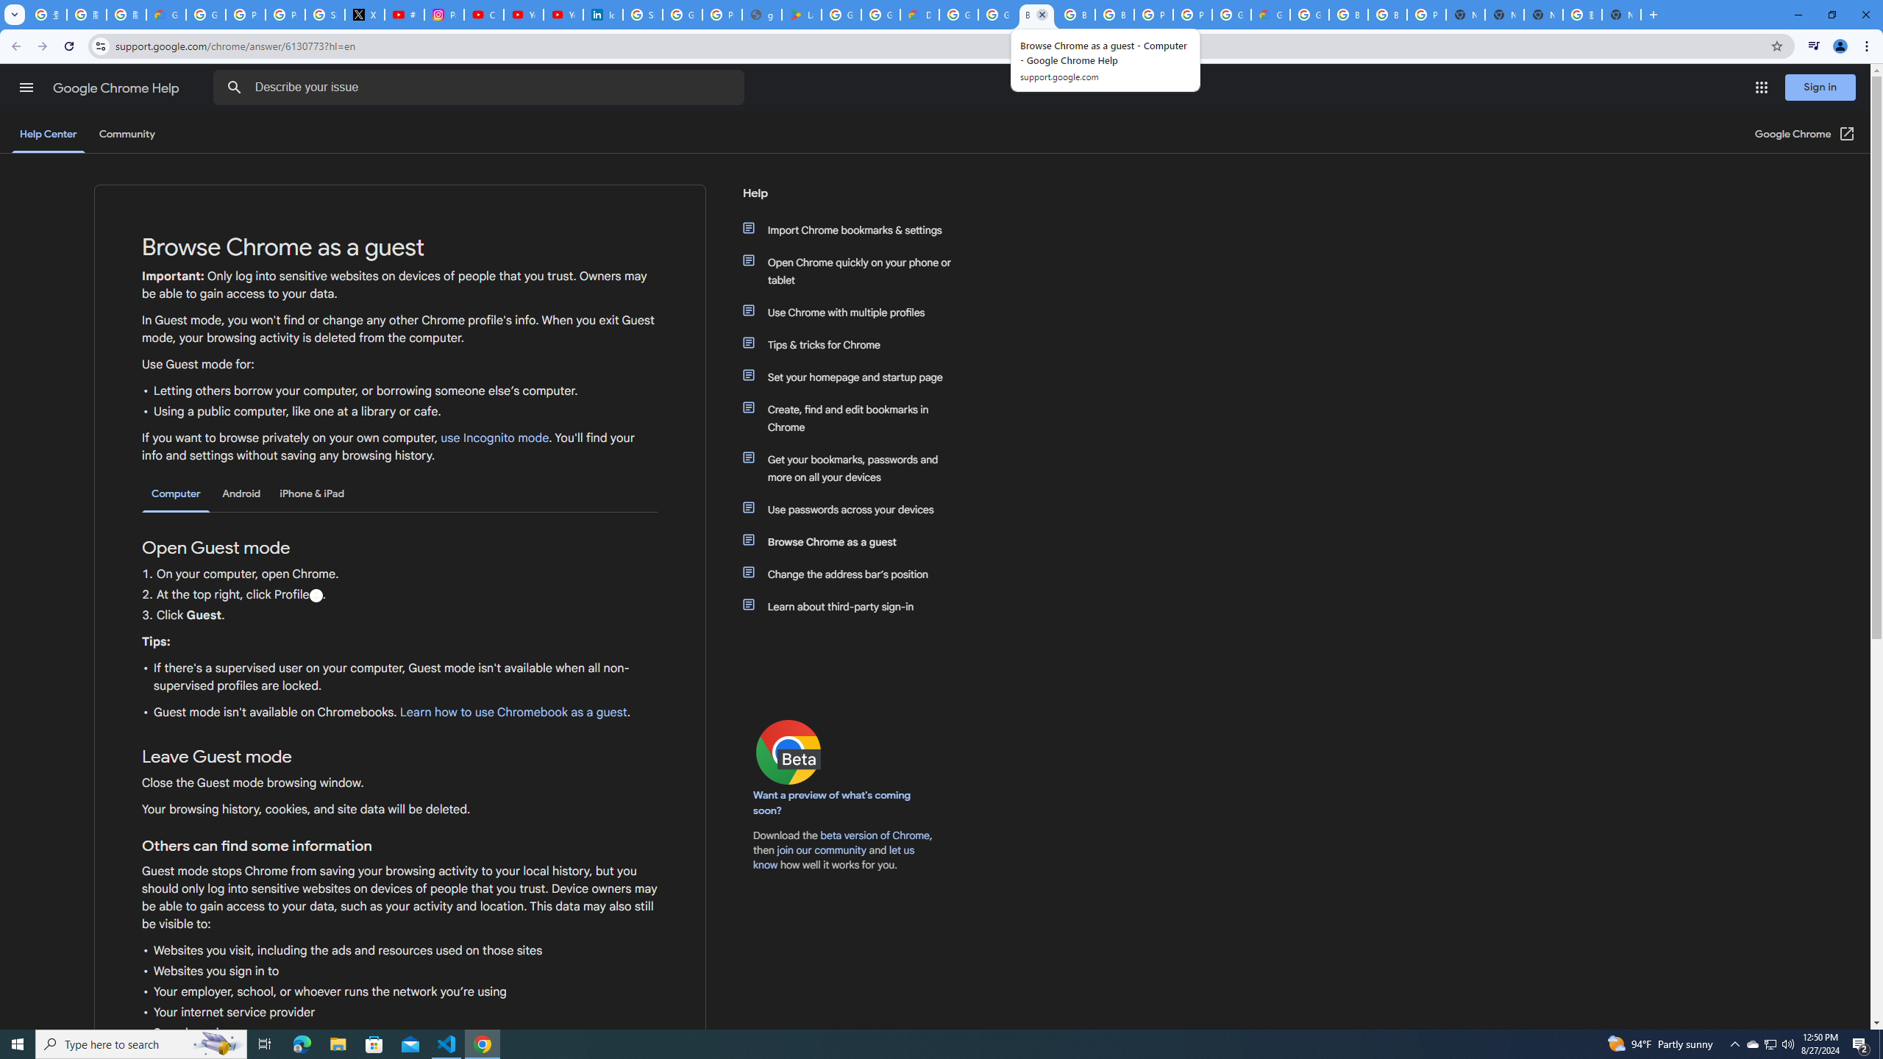 The width and height of the screenshot is (1883, 1059). What do you see at coordinates (513, 712) in the screenshot?
I see `'Learn how to use Chromebook as a guest'` at bounding box center [513, 712].